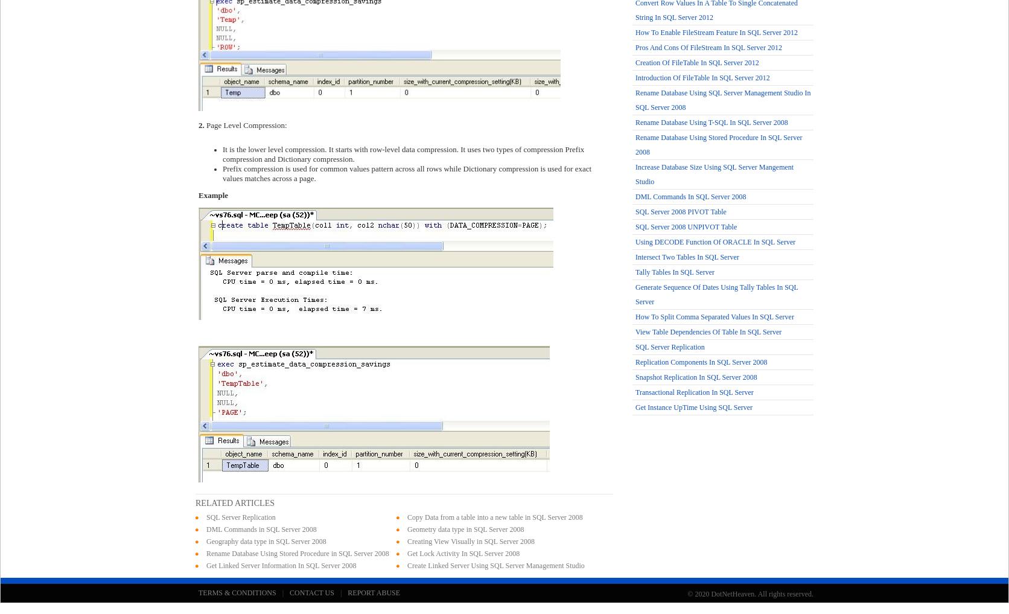 The height and width of the screenshot is (614, 1009). What do you see at coordinates (708, 331) in the screenshot?
I see `'View Table Dependencies Of Table In SQL Server'` at bounding box center [708, 331].